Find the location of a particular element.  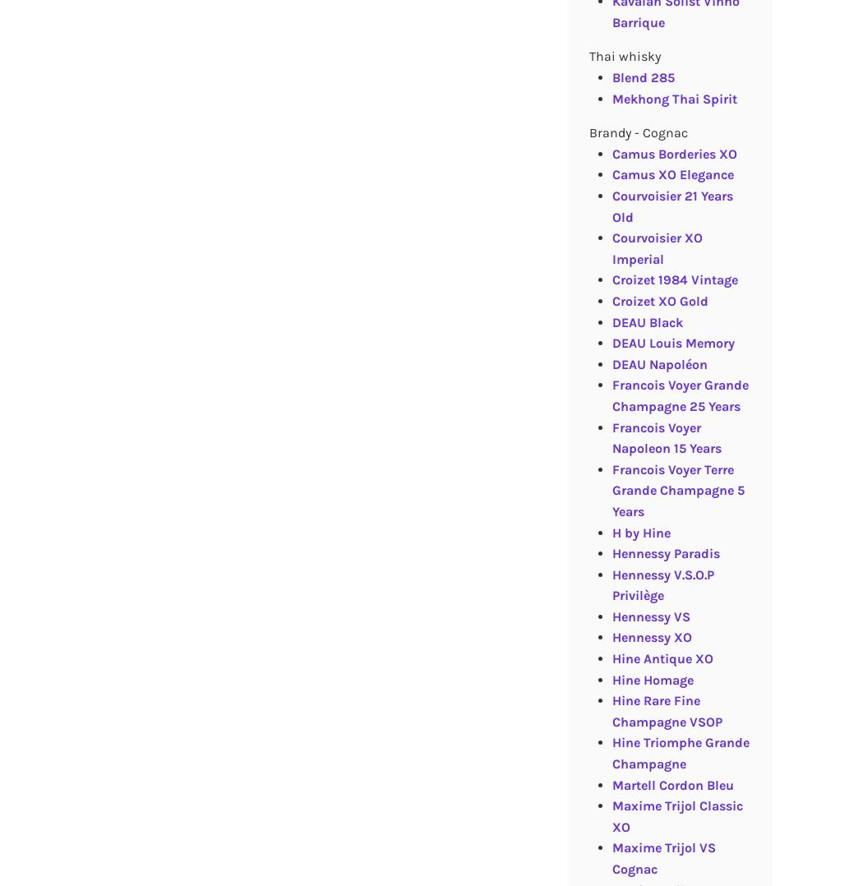

'Hine Antique XO' is located at coordinates (661, 658).